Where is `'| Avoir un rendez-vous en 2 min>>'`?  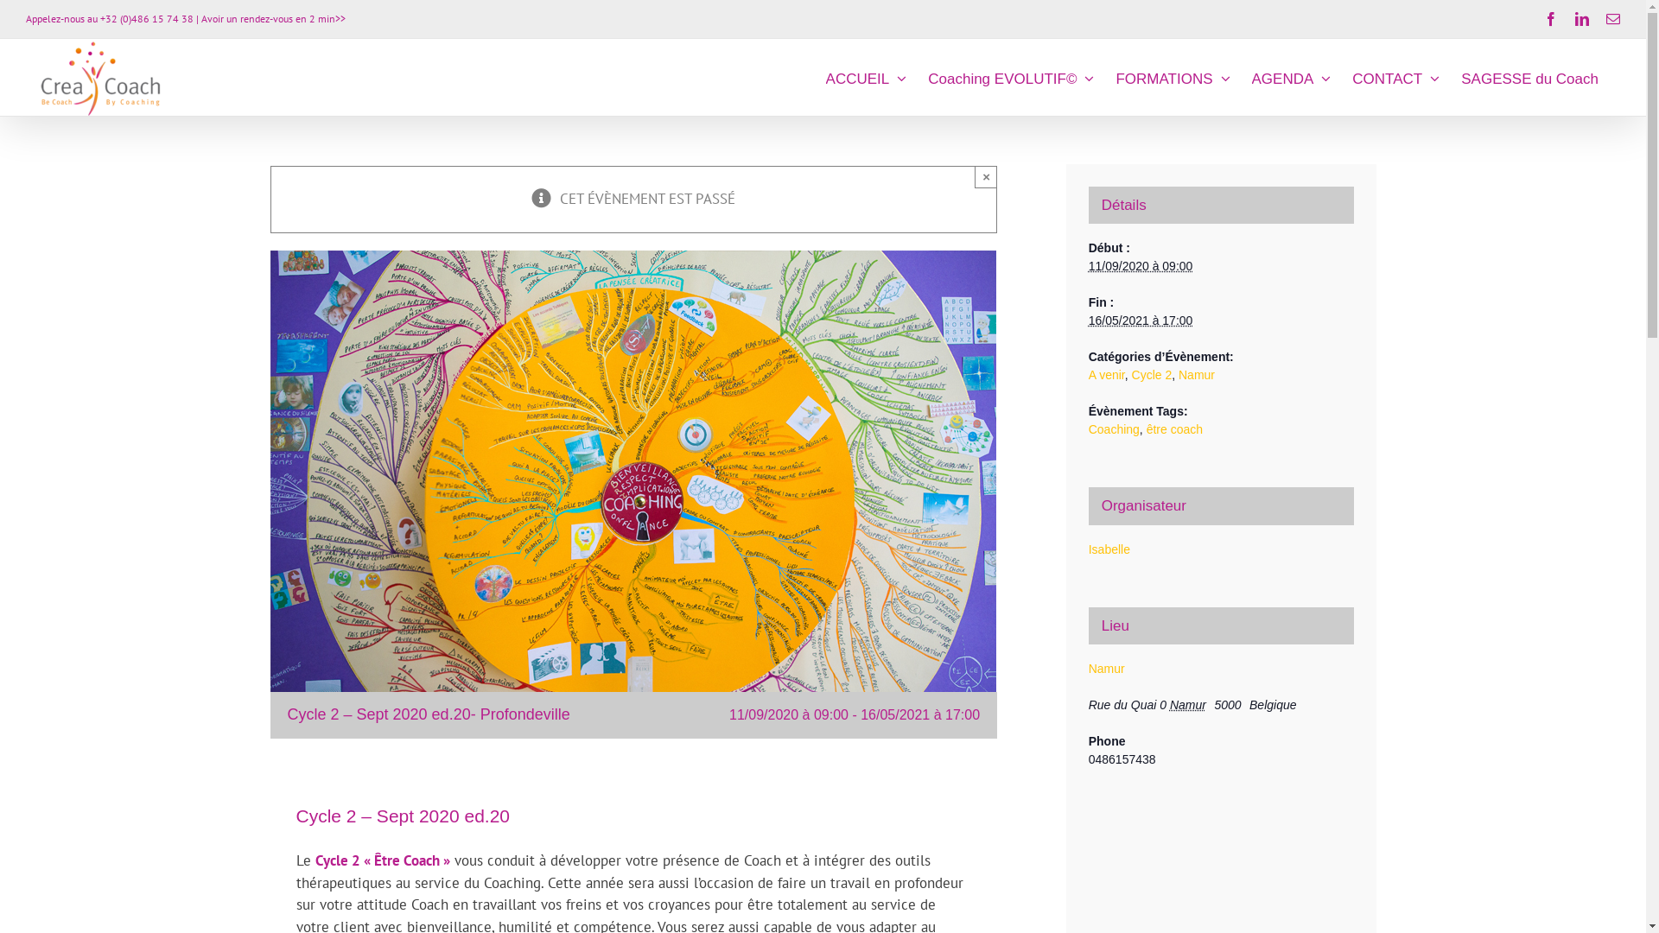
'| Avoir un rendez-vous en 2 min>>' is located at coordinates (195, 18).